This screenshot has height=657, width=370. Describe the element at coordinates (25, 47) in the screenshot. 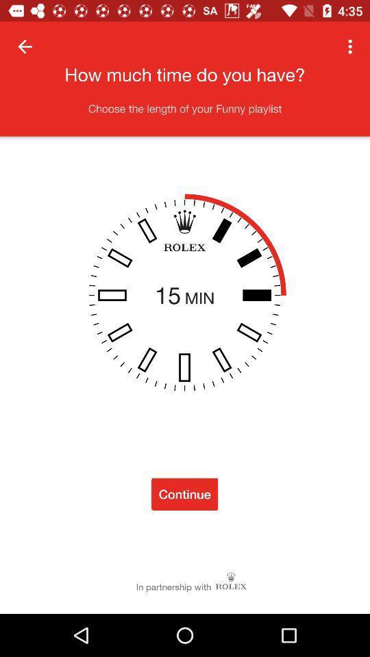

I see `item above choose the length icon` at that location.